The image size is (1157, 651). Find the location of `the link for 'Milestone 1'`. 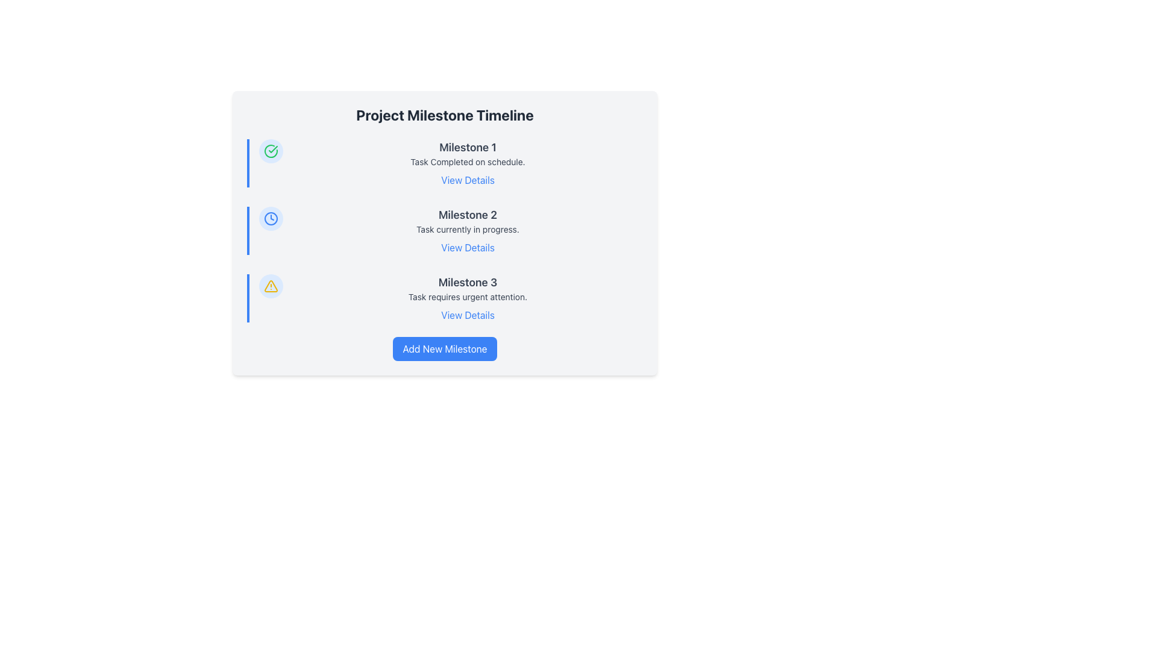

the link for 'Milestone 1' is located at coordinates (467, 180).